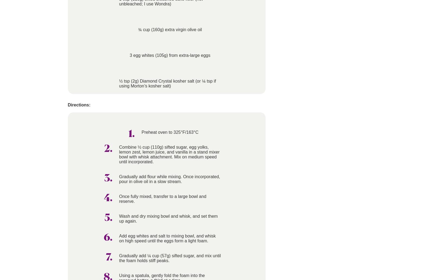  I want to click on 'Wash and dry mixing bowl and whisk, and set them up again.', so click(168, 218).